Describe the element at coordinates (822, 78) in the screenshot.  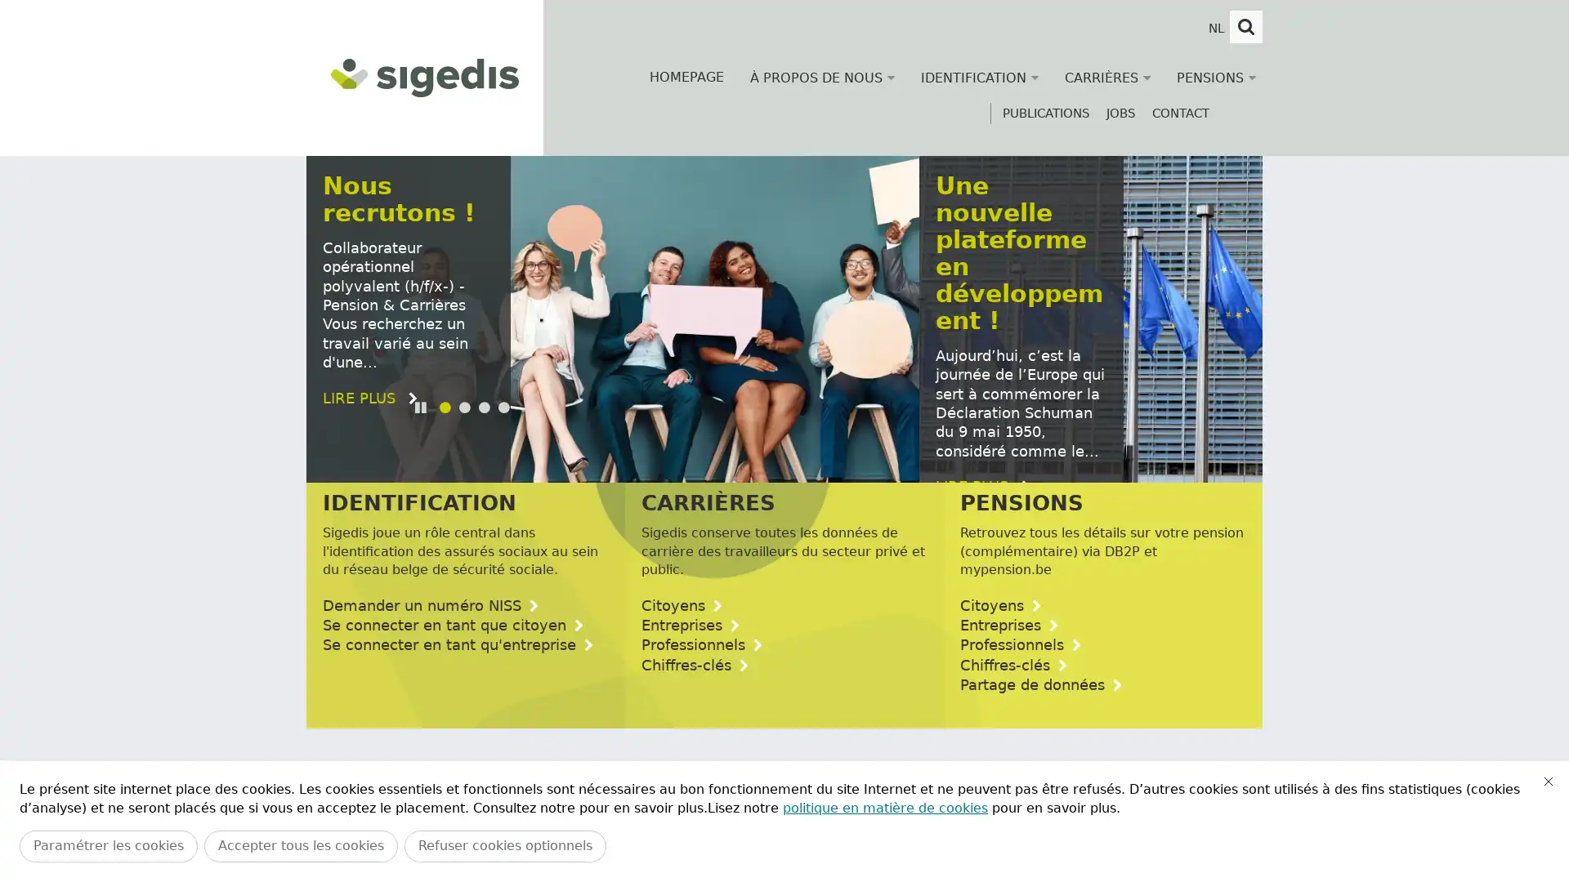
I see `A PROPOS DE NOUS` at that location.